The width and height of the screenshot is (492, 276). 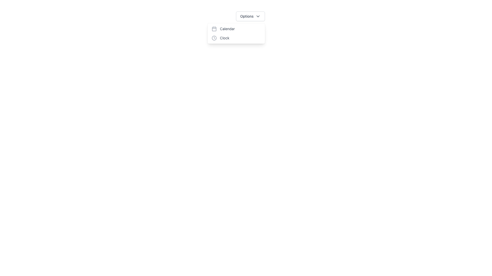 What do you see at coordinates (214, 38) in the screenshot?
I see `the decorative circle element of the clock icon located within the dropdown menu under the 'Options' label` at bounding box center [214, 38].